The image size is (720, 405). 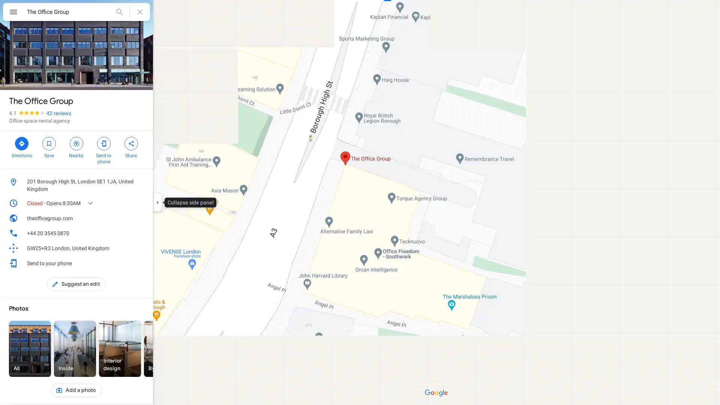 I want to click on 42 reviews, so click(x=58, y=113).